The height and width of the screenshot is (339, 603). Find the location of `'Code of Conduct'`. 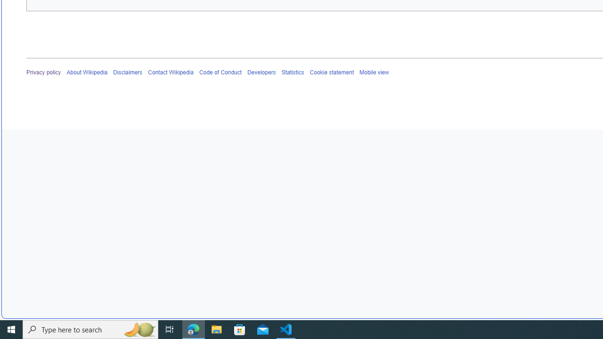

'Code of Conduct' is located at coordinates (220, 72).